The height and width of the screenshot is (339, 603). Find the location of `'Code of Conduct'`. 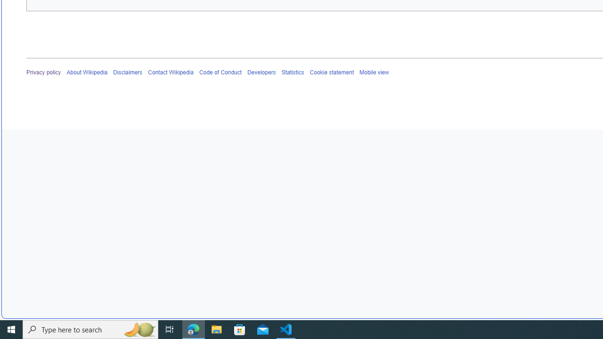

'Code of Conduct' is located at coordinates (220, 72).